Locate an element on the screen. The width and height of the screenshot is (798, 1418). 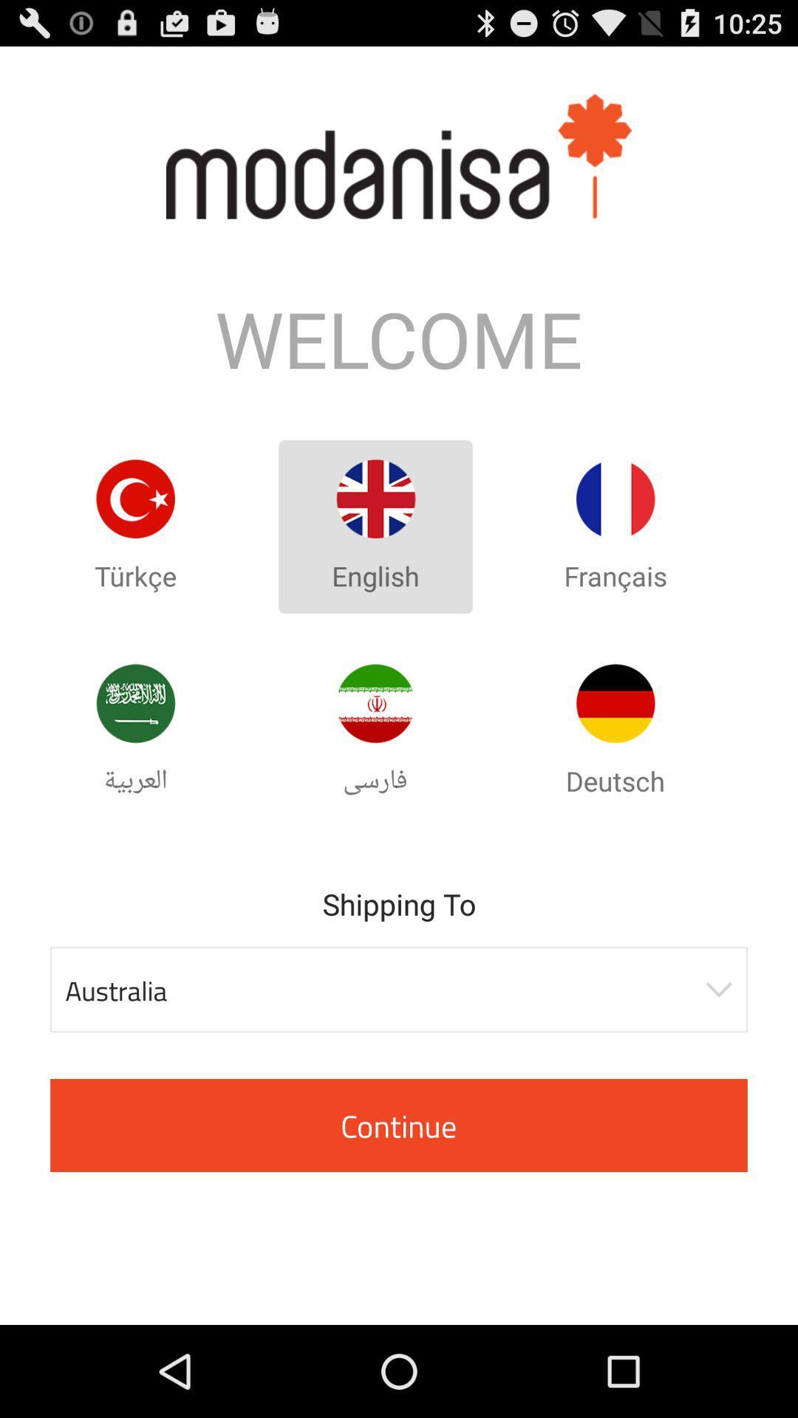
turkey language is located at coordinates (135, 499).